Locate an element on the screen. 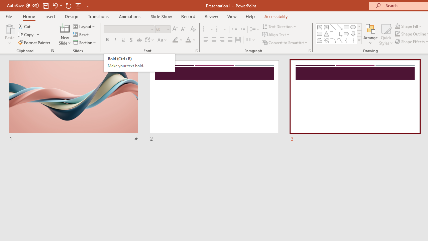  'Character Spacing' is located at coordinates (149, 40).